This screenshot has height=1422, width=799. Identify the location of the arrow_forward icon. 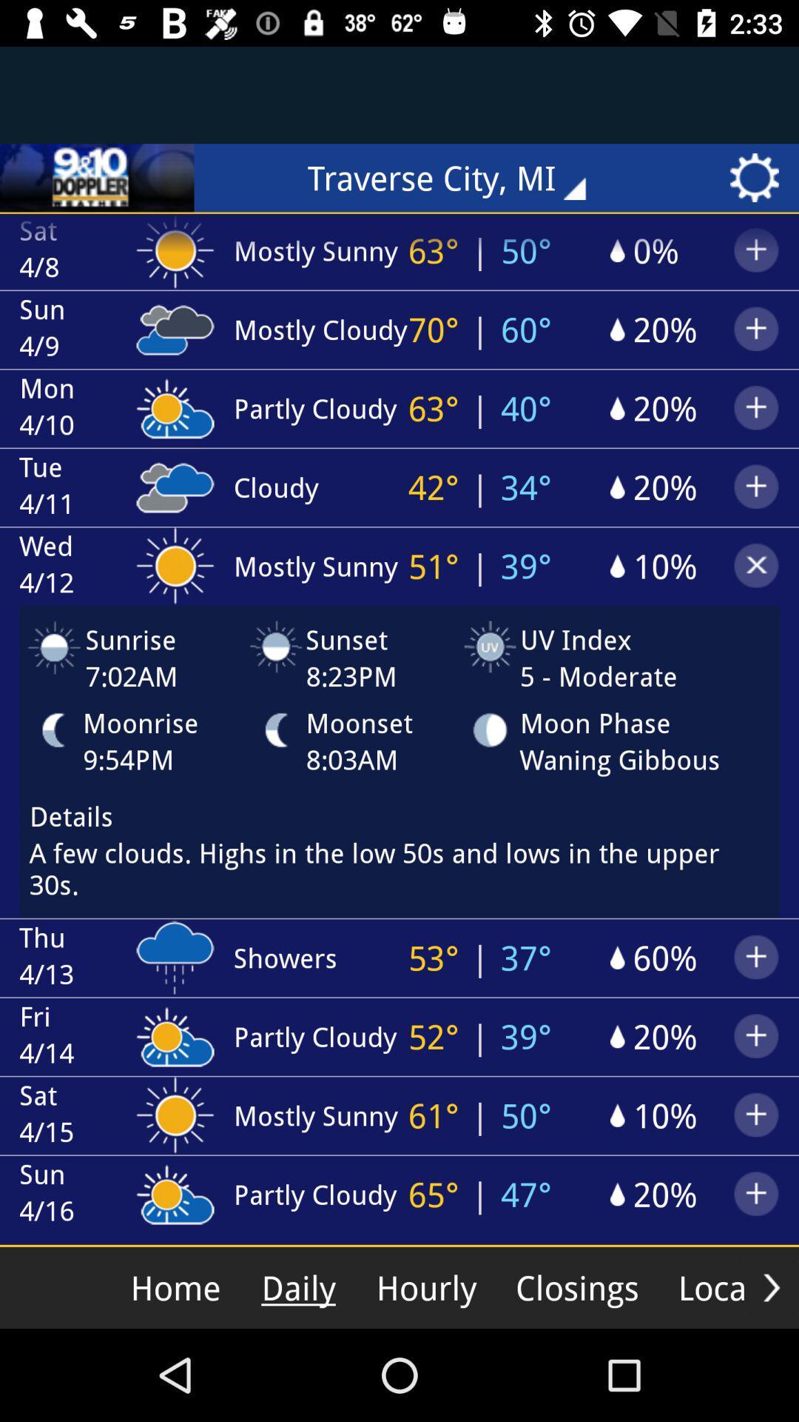
(771, 1286).